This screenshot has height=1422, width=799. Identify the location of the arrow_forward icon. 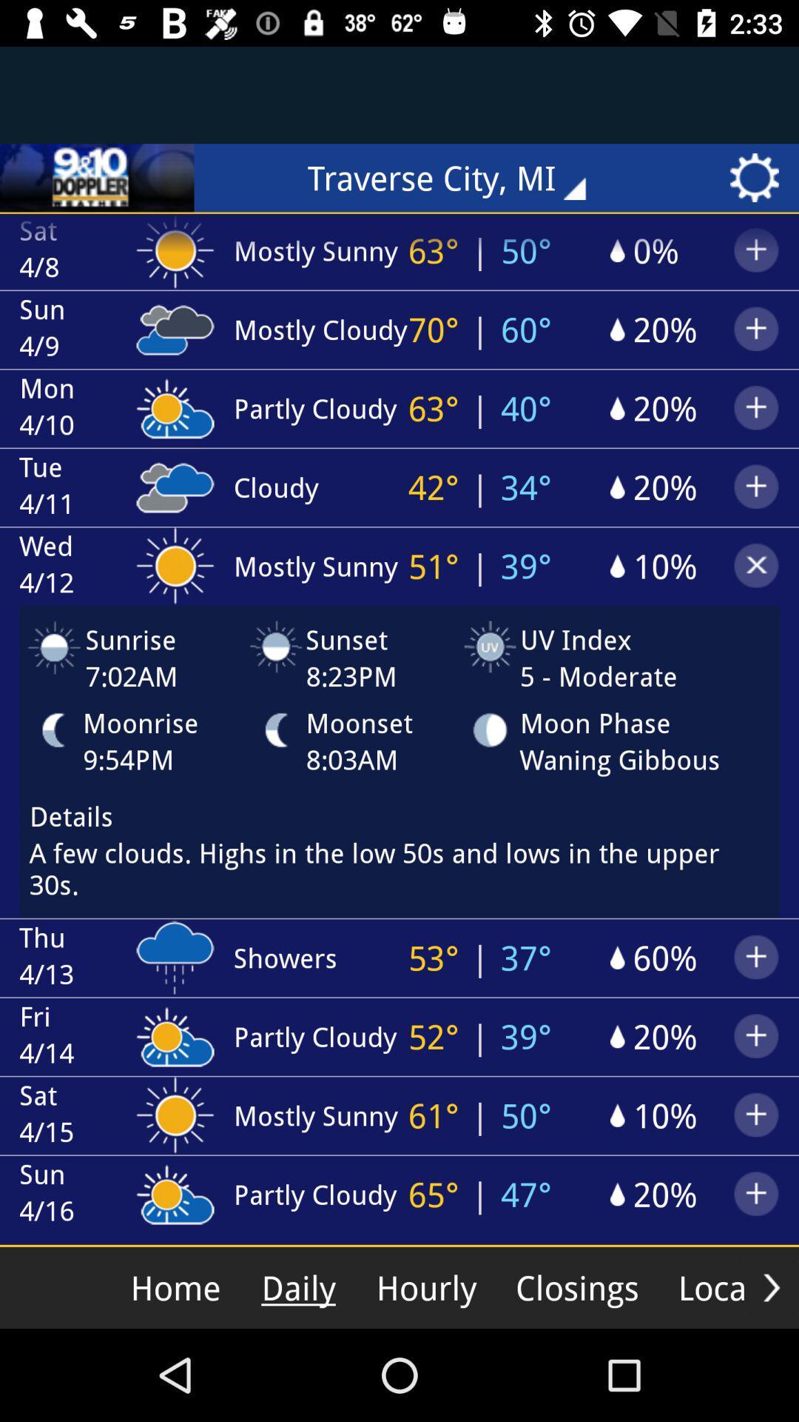
(771, 1286).